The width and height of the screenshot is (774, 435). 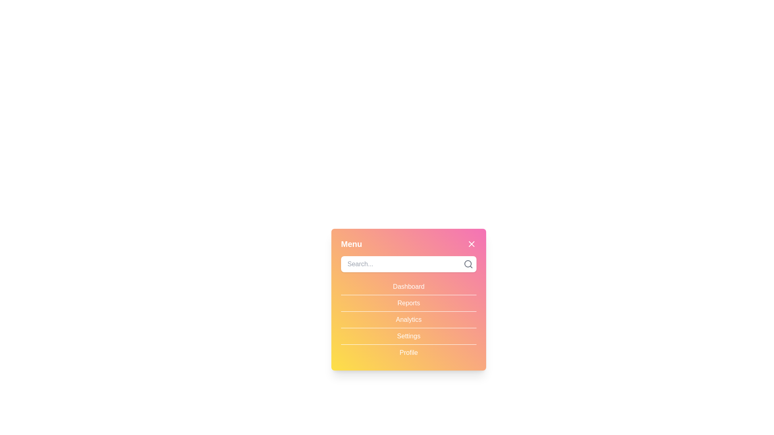 I want to click on the menu item Profile to select it, so click(x=408, y=352).